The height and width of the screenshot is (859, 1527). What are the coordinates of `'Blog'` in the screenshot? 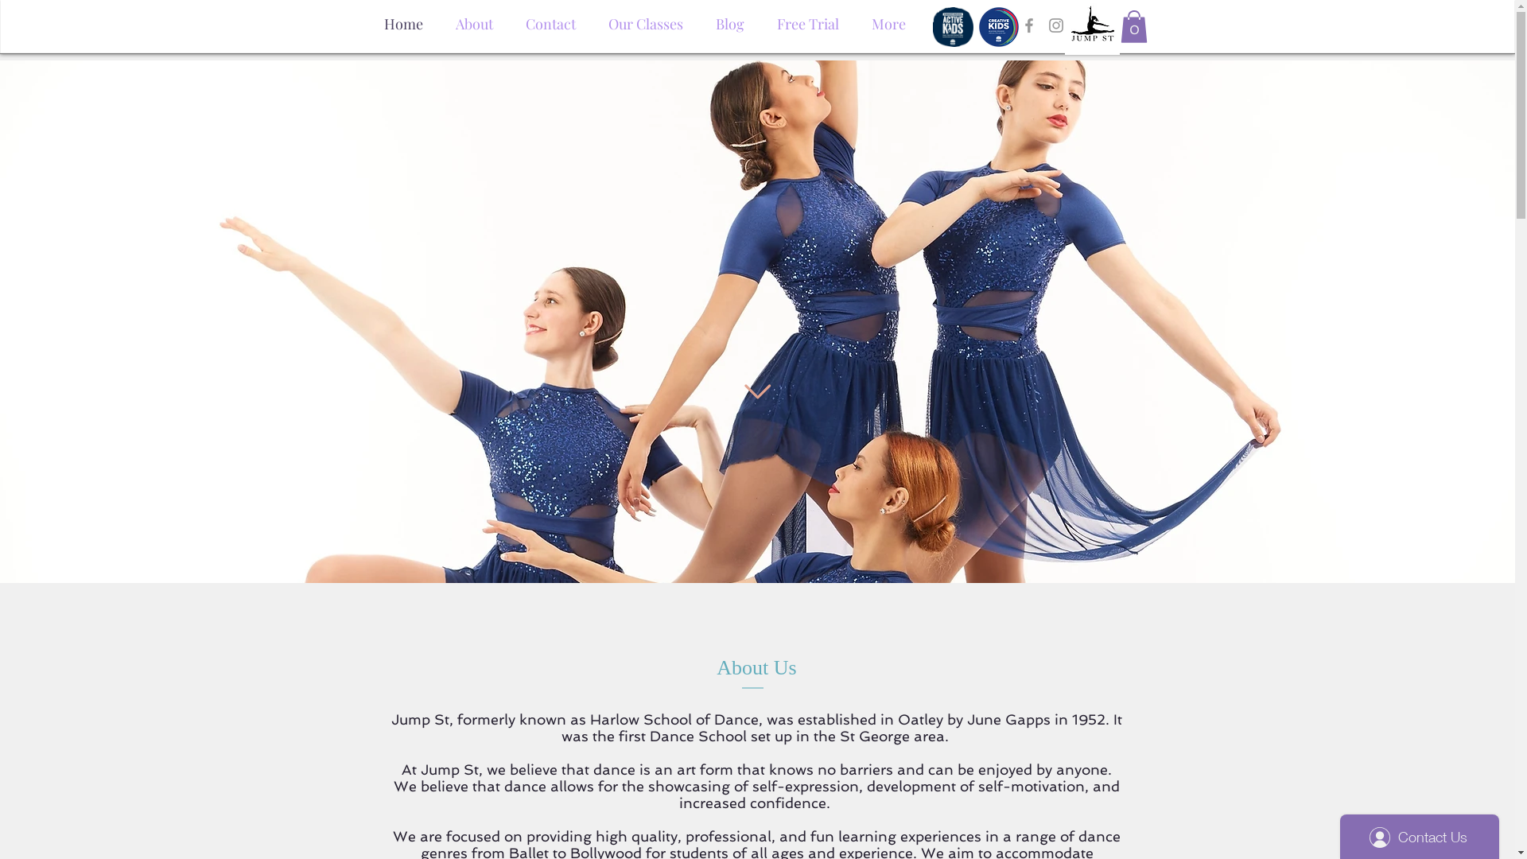 It's located at (729, 19).